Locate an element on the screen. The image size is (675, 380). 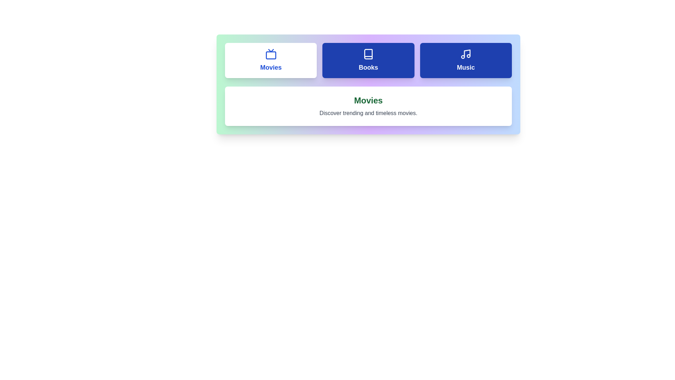
the musical note pair icon in the blue square background located at the top-center of the 'Music' card is located at coordinates (466, 54).